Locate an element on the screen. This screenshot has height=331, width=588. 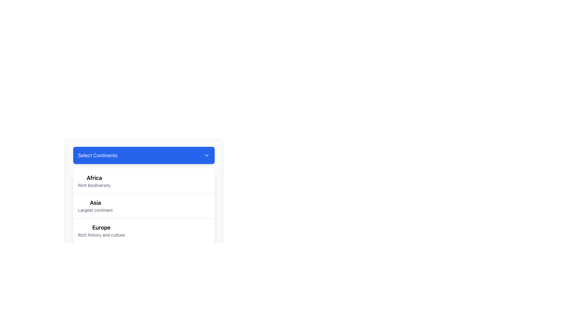
the first option in the dropdown list titled 'Select Continents' is located at coordinates (94, 181).